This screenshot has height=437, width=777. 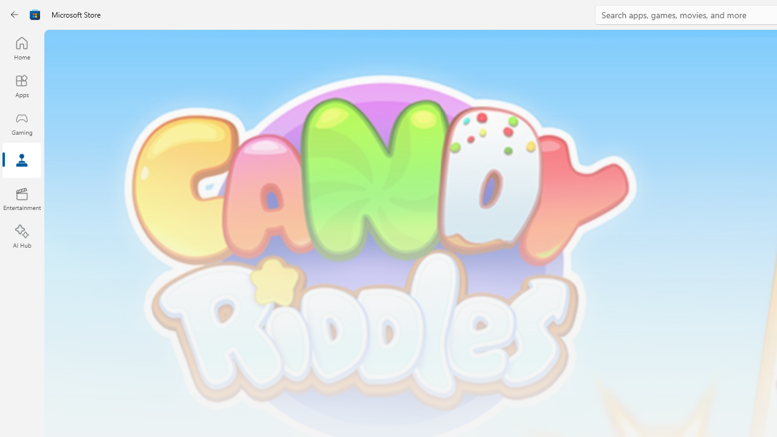 I want to click on 'AI Hub', so click(x=21, y=237).